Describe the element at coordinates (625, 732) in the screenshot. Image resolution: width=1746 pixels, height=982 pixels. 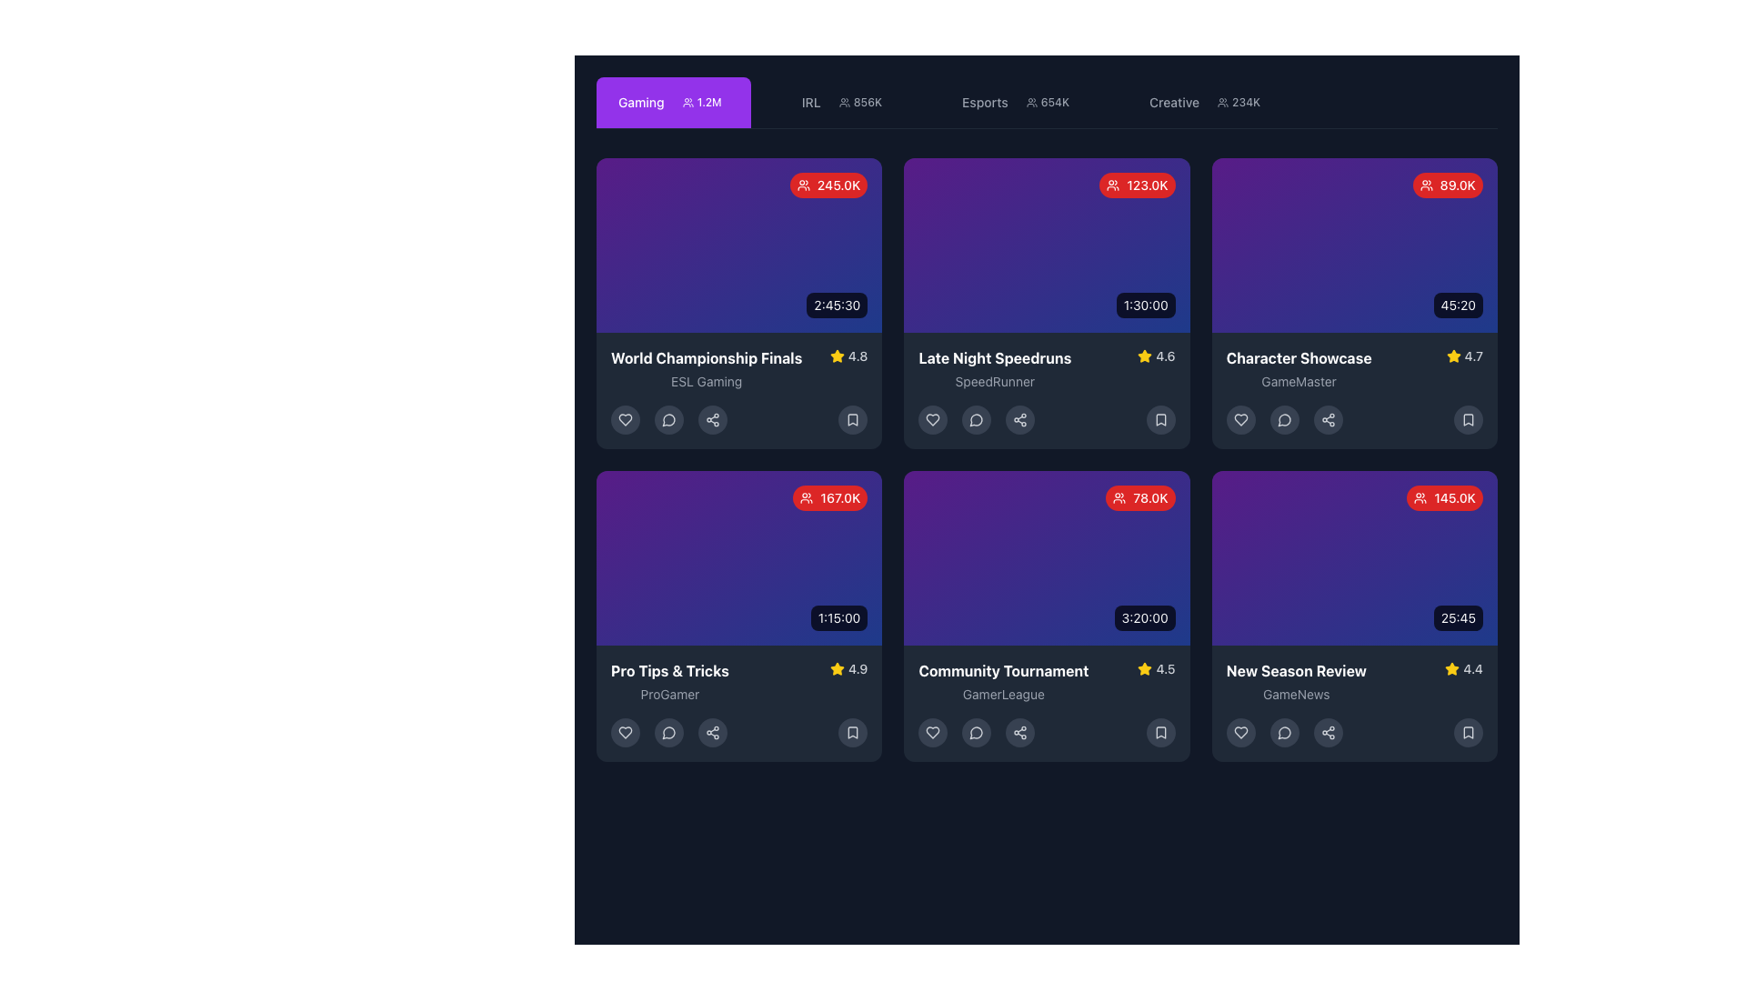
I see `the heart icon button located at the bottom of the 'Pro Tips & Tricks' card` at that location.